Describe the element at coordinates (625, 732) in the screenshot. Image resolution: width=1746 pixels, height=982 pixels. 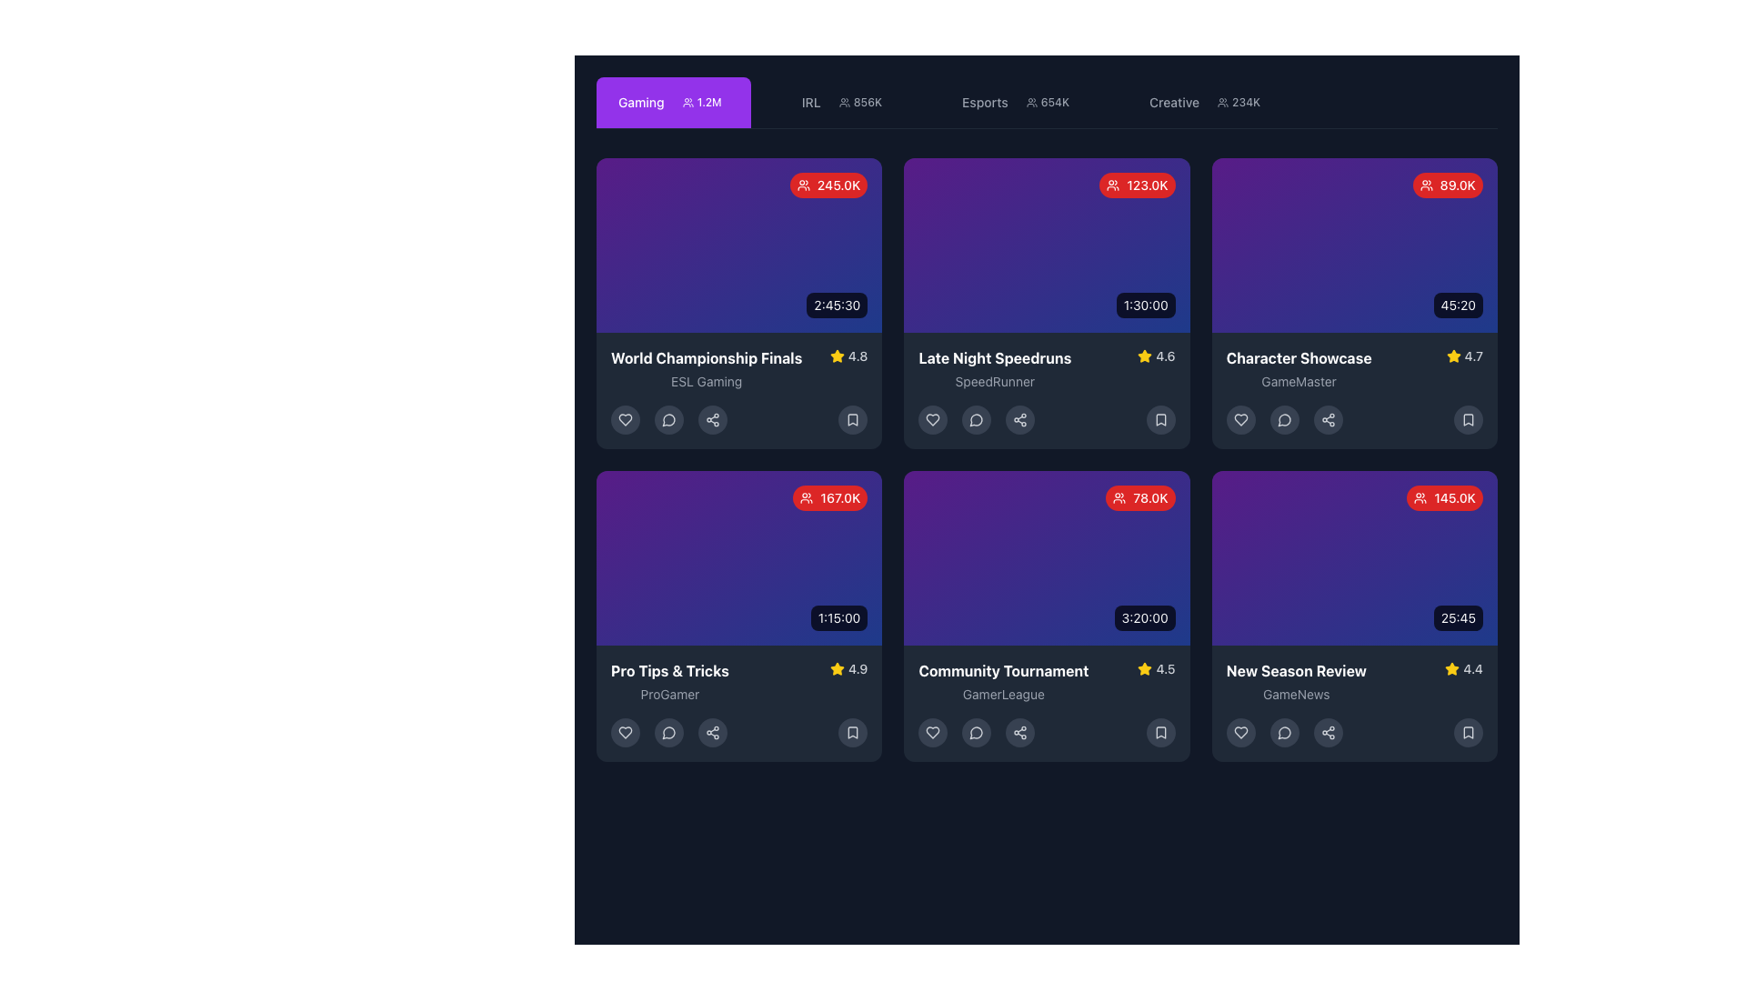
I see `the heart icon button located at the bottom of the 'Pro Tips & Tricks' card` at that location.